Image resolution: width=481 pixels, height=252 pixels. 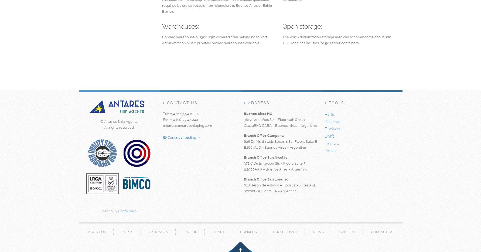 I want to click on '© Antares Ship Agents.', so click(x=119, y=121).